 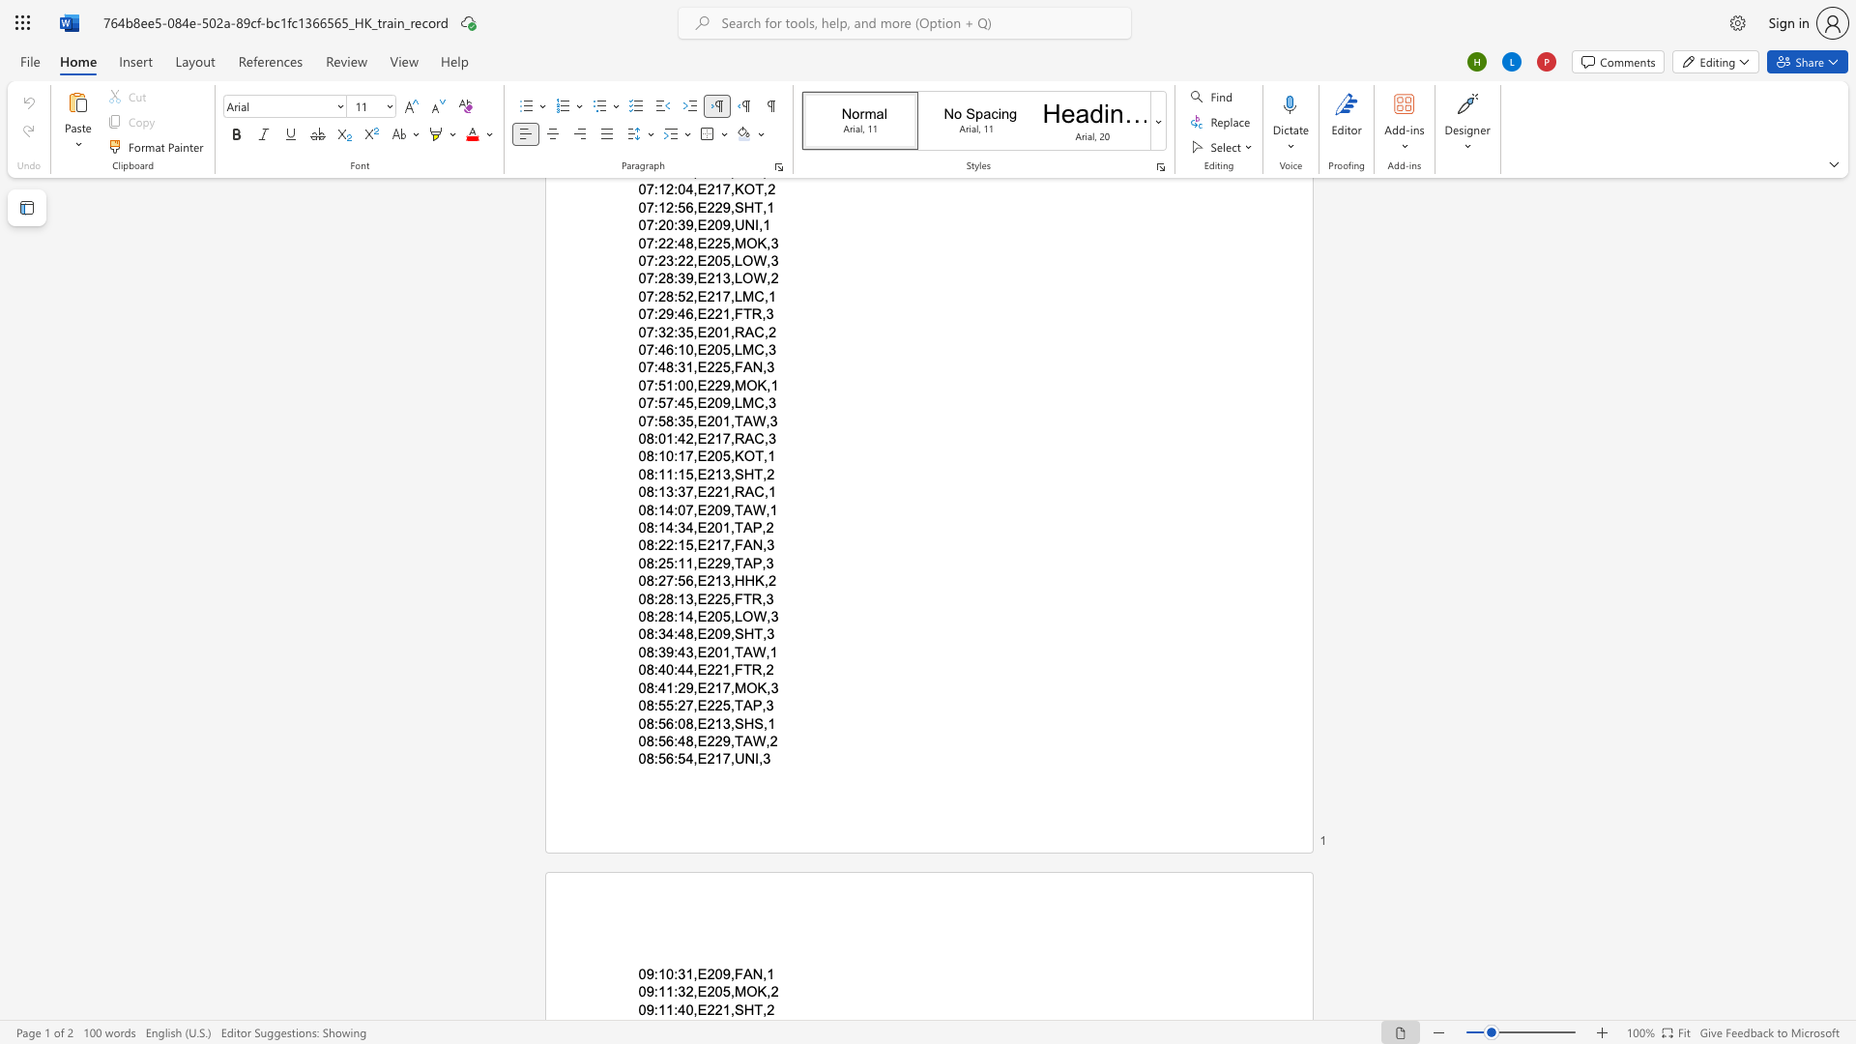 I want to click on the subset text "TR" within the text "08:40:44,E221,FTR,2", so click(x=741, y=669).